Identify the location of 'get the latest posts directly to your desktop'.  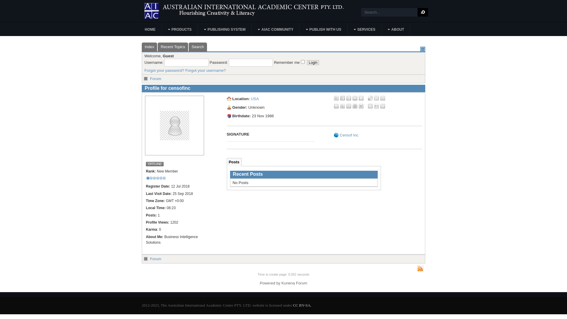
(420, 268).